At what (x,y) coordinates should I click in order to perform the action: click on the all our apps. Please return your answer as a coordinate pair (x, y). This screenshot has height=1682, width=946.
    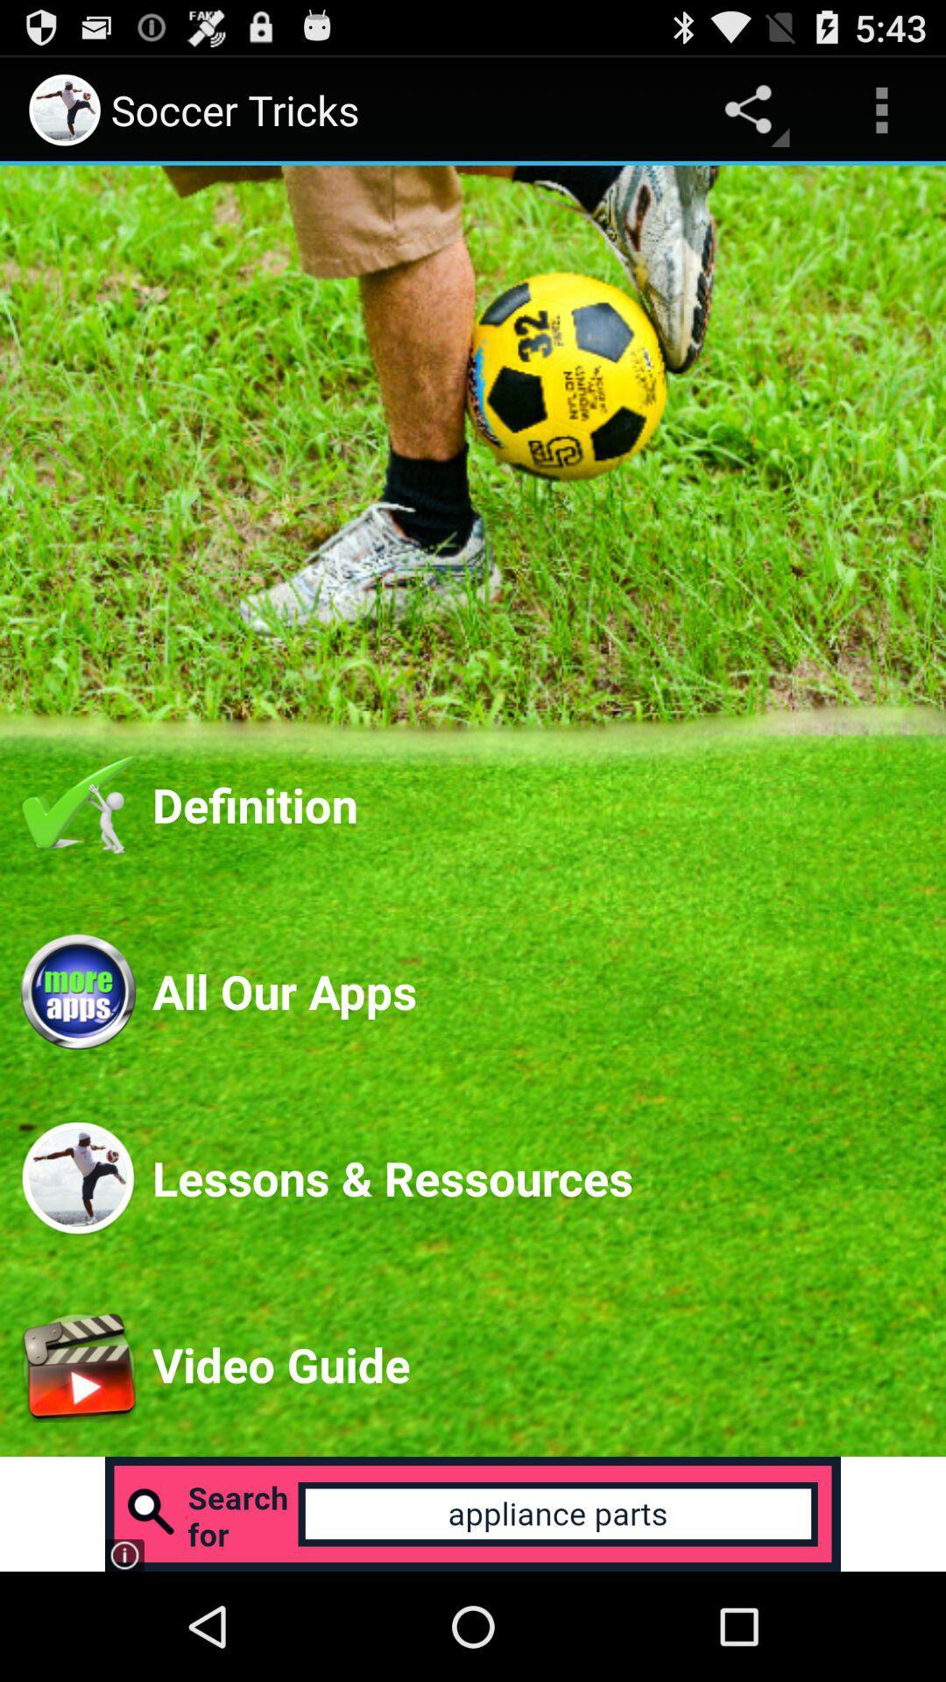
    Looking at the image, I should click on (537, 991).